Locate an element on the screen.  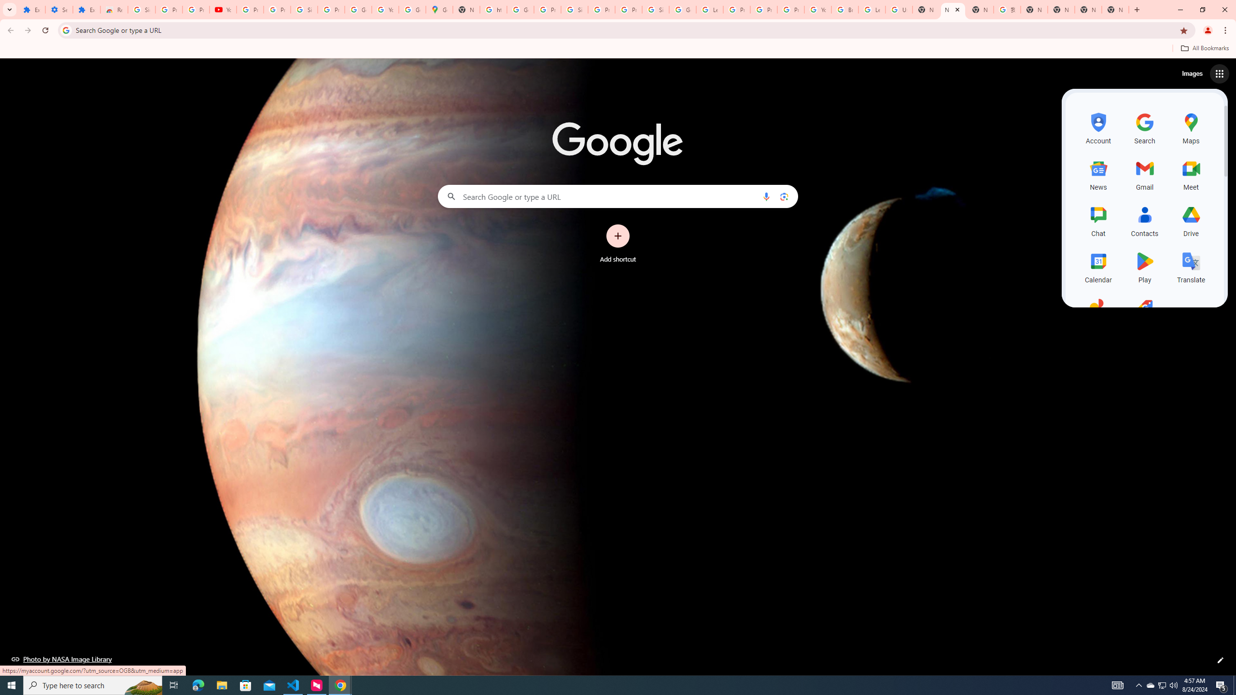
'https://scholar.google.com/' is located at coordinates (493, 9).